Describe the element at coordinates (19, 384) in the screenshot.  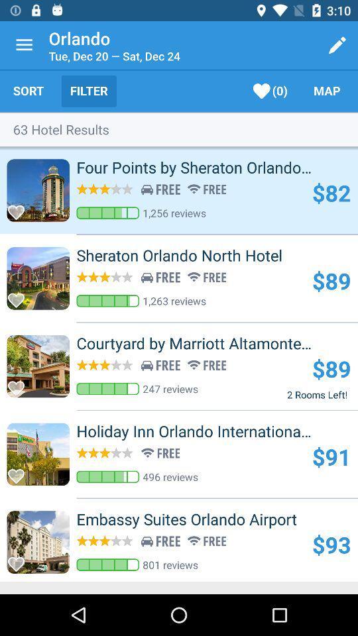
I see `to favorites` at that location.